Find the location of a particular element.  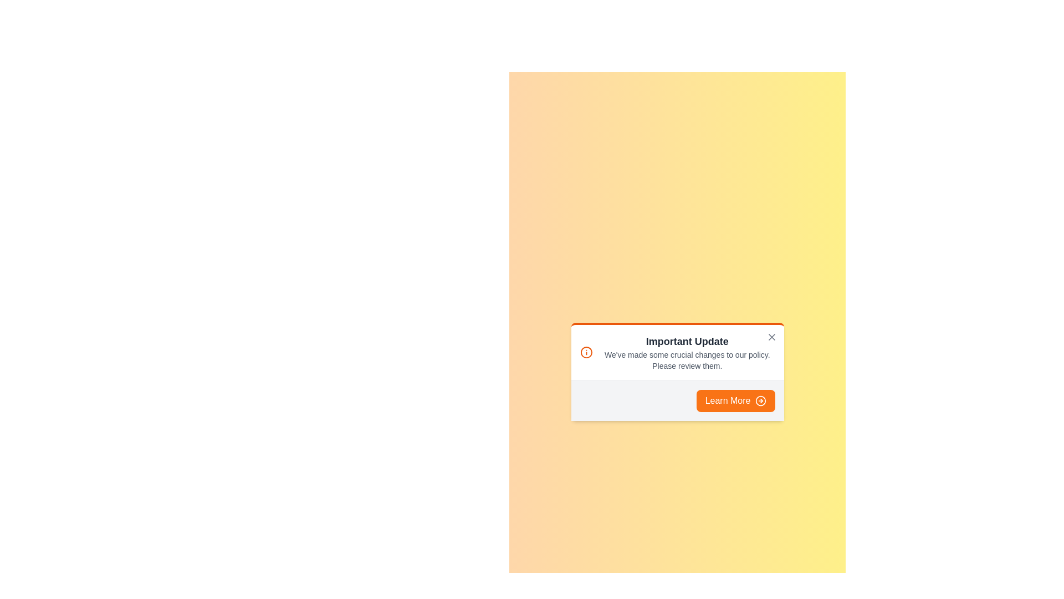

close button to dismiss the alert is located at coordinates (771, 336).